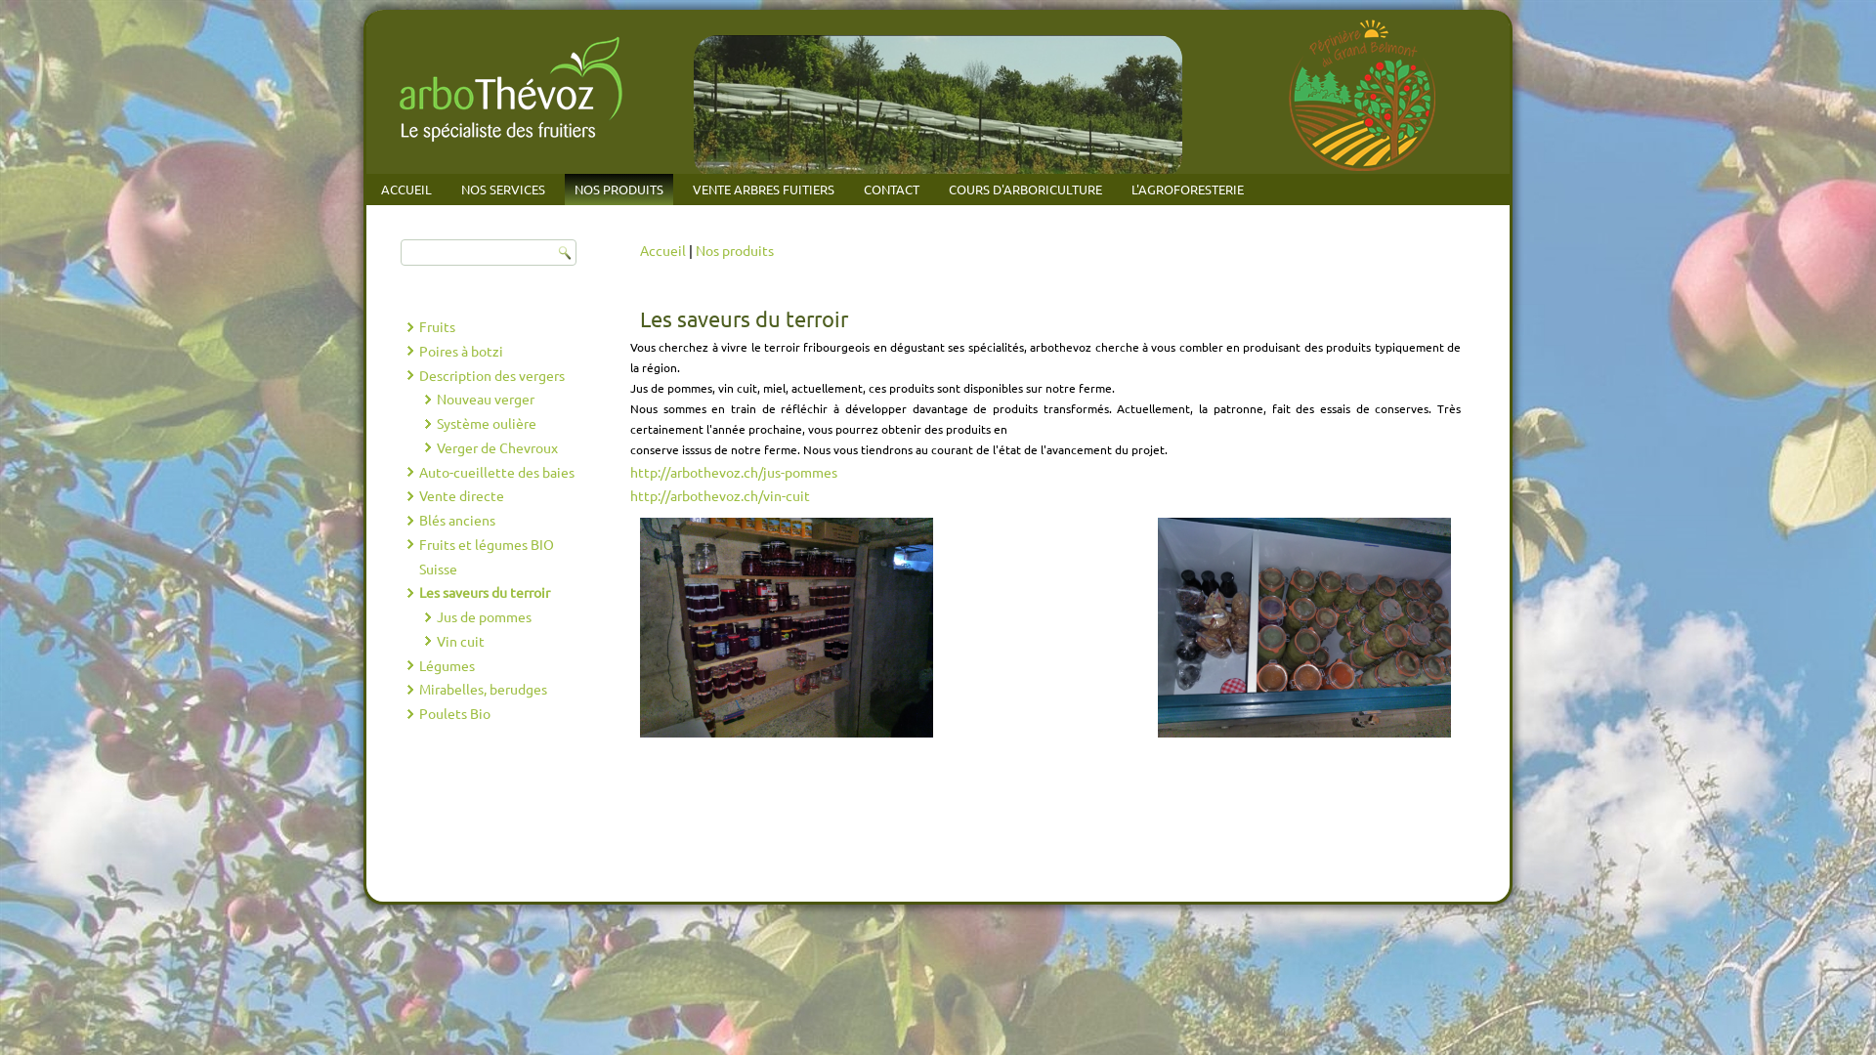 The width and height of the screenshot is (1876, 1055). What do you see at coordinates (495, 471) in the screenshot?
I see `'Auto-cueillette des baies'` at bounding box center [495, 471].